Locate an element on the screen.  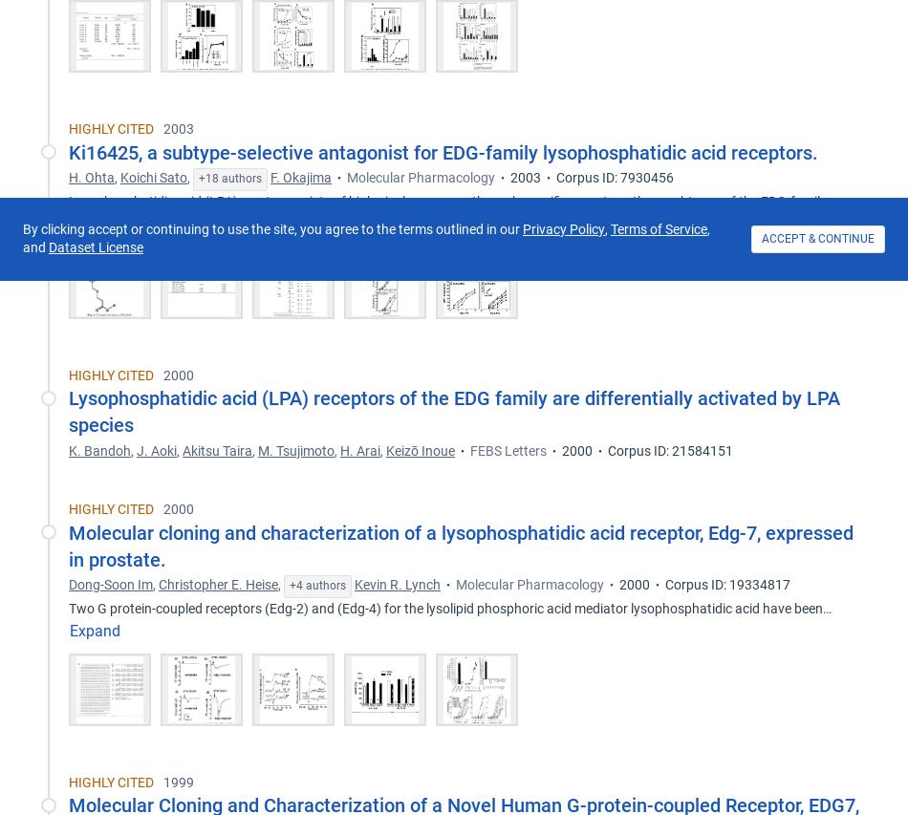
'Molecular cloning and characterization of a lysophosphatidic acid receptor, Edg-7, expressed in prostate.' is located at coordinates (461, 546).